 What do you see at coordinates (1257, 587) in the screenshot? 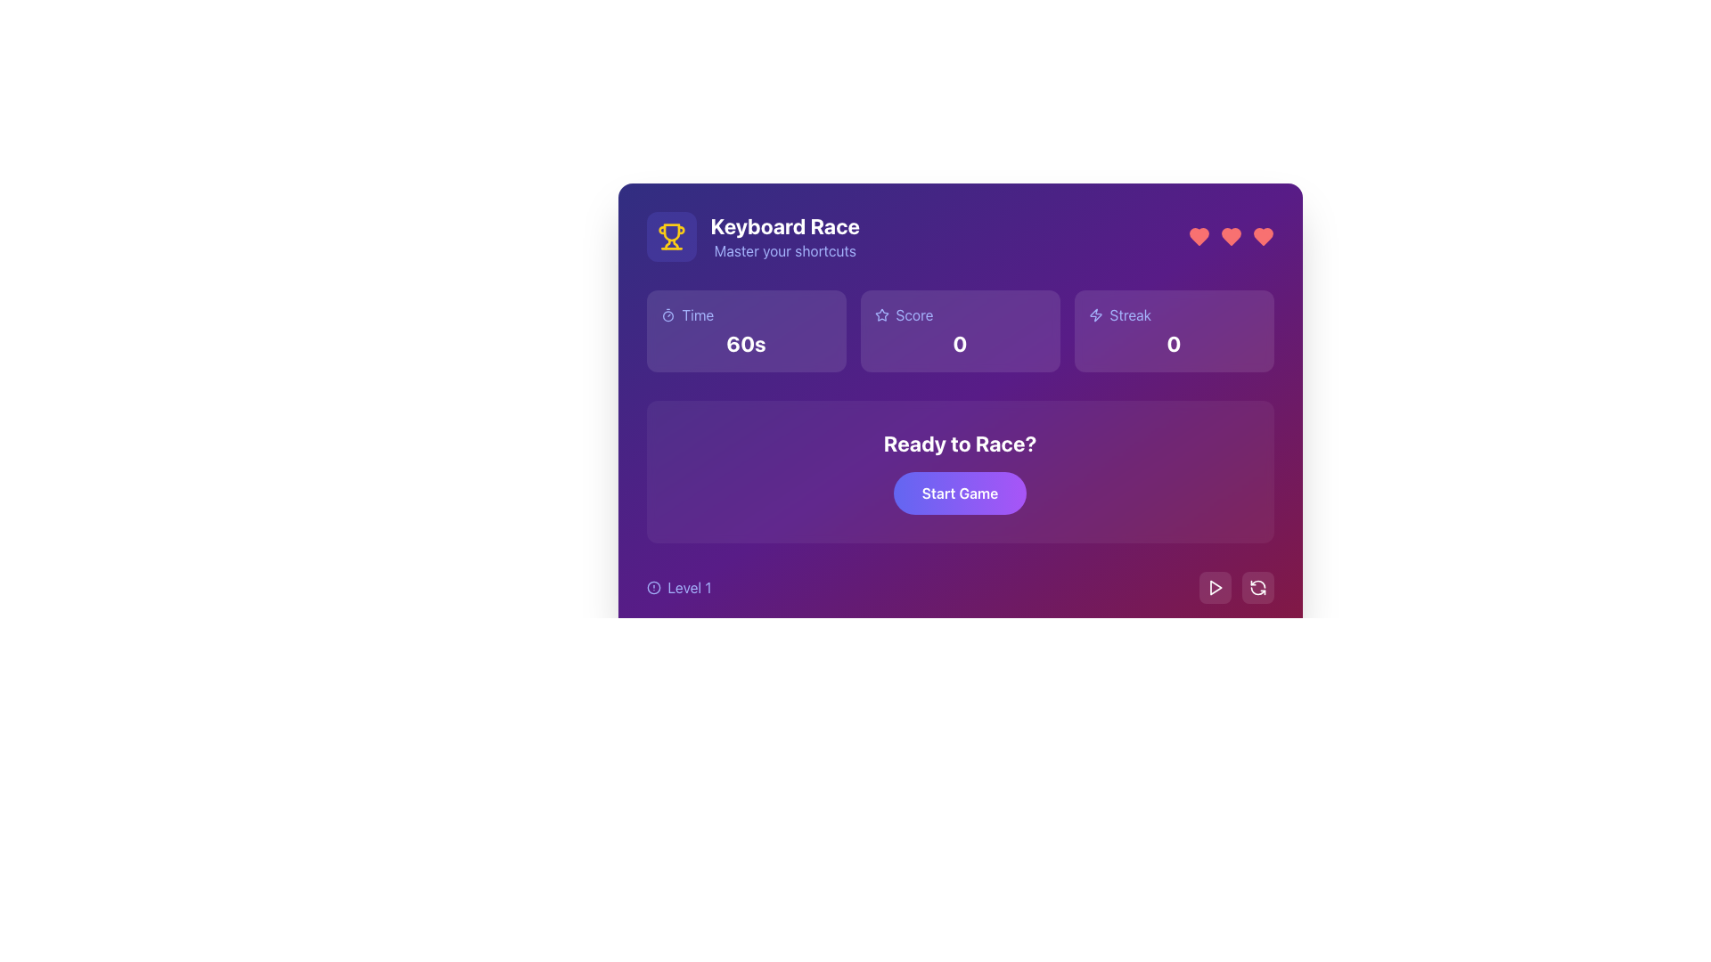
I see `the circular refresh icon located at the bottom-right corner of the purple interface` at bounding box center [1257, 587].